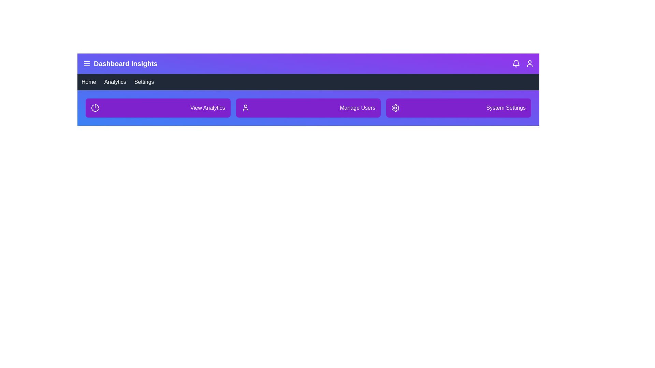 Image resolution: width=655 pixels, height=368 pixels. Describe the element at coordinates (308, 107) in the screenshot. I see `the Manage Users button in the dashboard` at that location.